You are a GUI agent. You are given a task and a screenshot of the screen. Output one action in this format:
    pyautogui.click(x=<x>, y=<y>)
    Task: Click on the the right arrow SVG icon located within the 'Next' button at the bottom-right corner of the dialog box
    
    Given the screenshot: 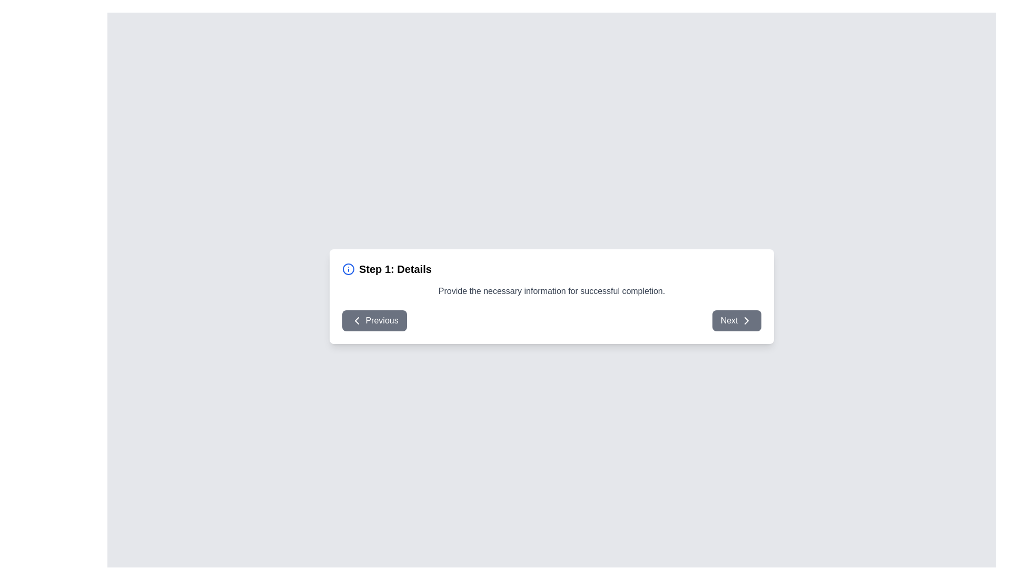 What is the action you would take?
    pyautogui.click(x=746, y=320)
    